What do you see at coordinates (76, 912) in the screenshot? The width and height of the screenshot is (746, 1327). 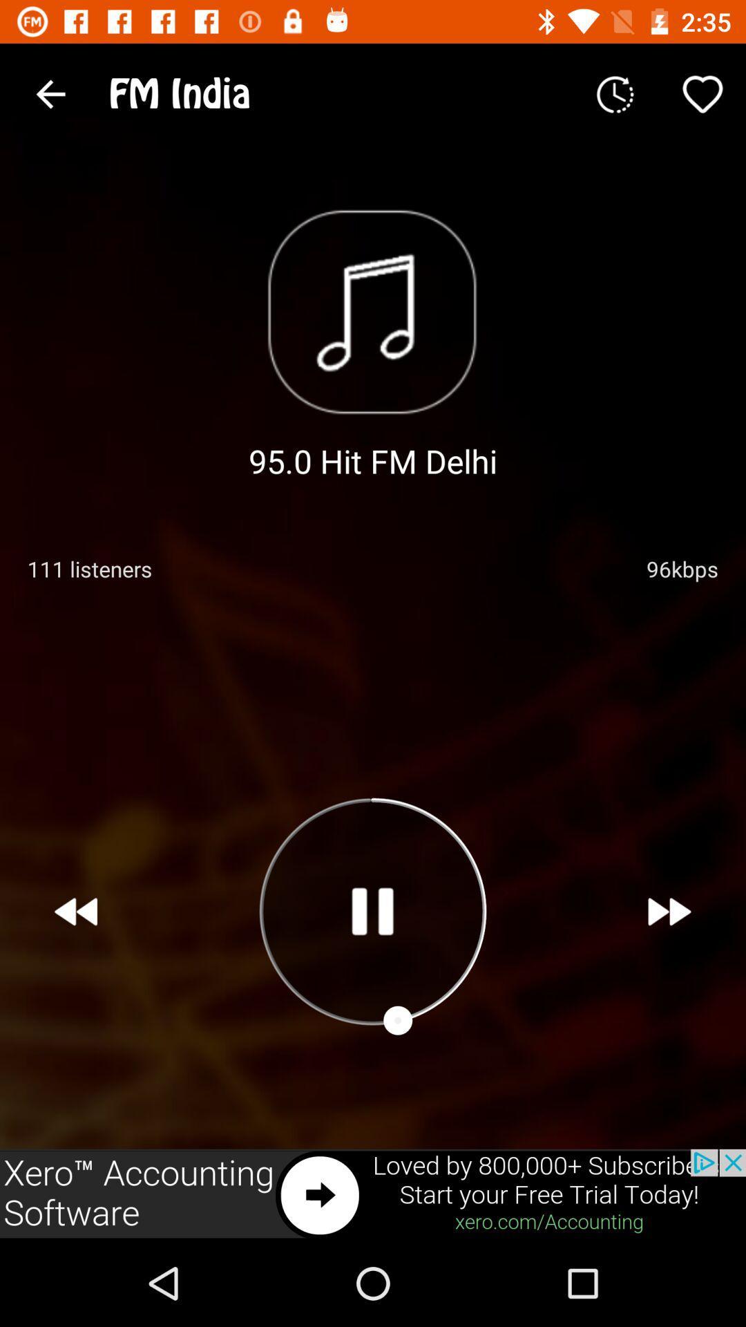 I see `the av_rewind icon` at bounding box center [76, 912].